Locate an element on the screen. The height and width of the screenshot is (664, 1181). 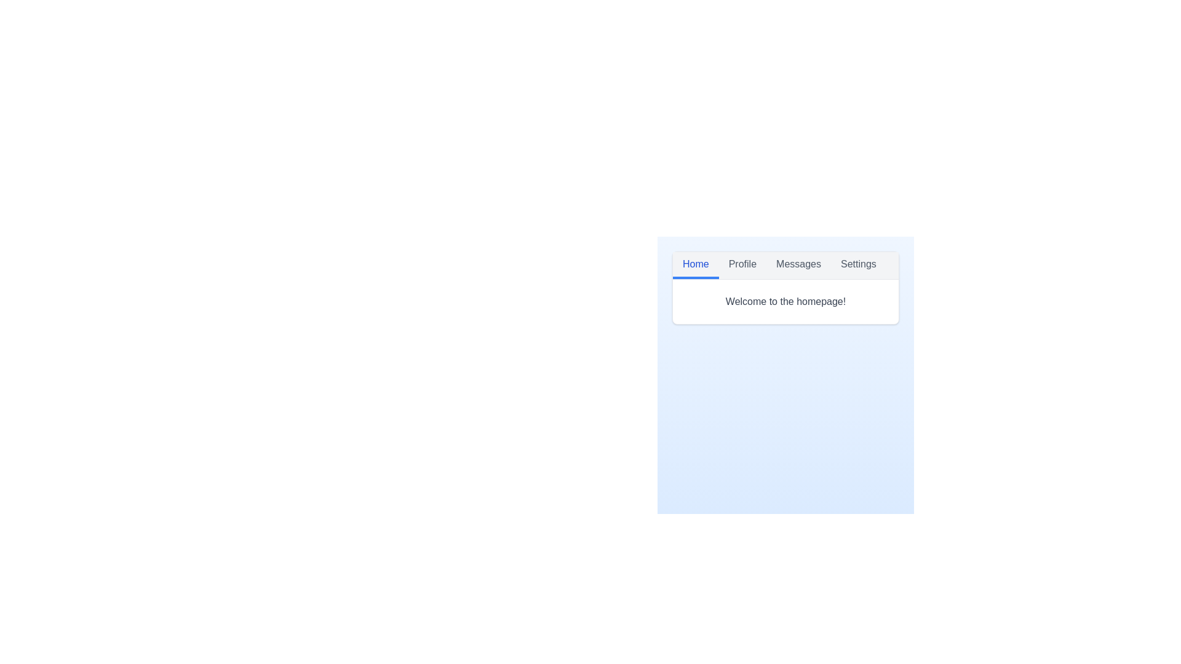
on the 'Messages' navigation tab, the third tab in the horizontal menu located between 'Profile' and 'Settings' is located at coordinates (798, 265).